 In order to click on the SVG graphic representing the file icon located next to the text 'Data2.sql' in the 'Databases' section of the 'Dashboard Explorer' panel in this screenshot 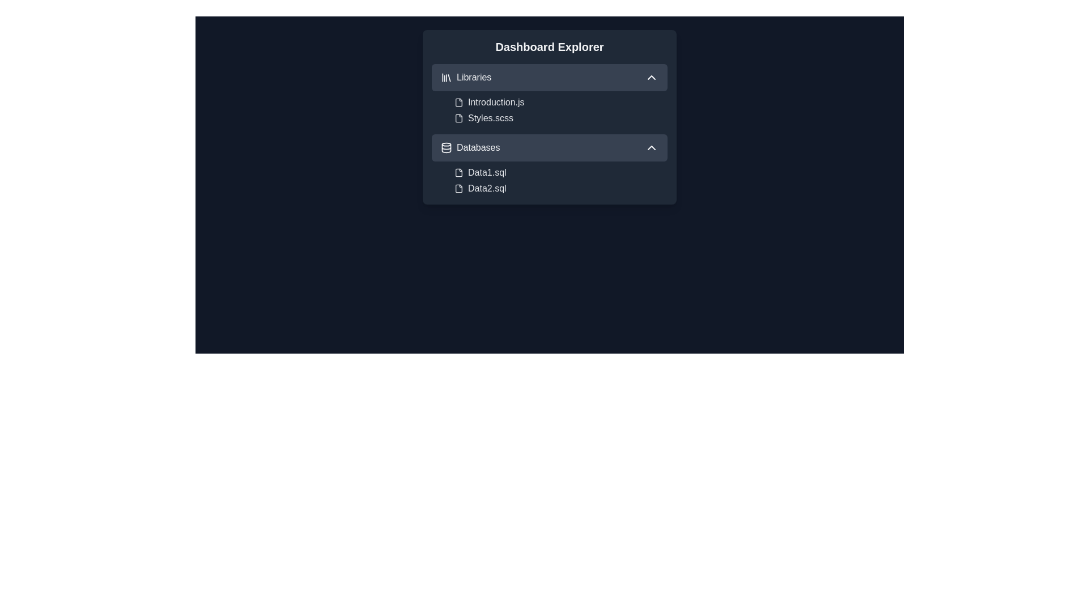, I will do `click(459, 188)`.